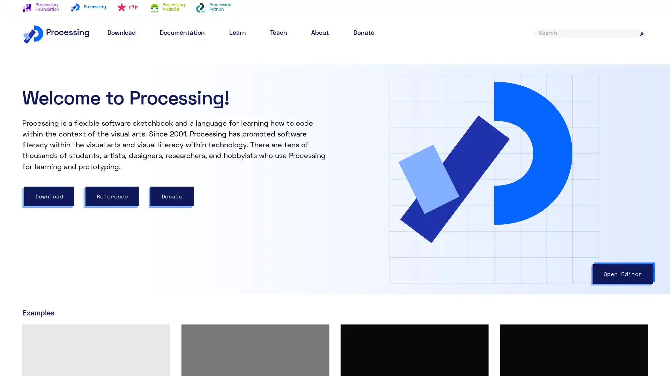 This screenshot has width=670, height=376. What do you see at coordinates (438, 214) in the screenshot?
I see `change position` at bounding box center [438, 214].